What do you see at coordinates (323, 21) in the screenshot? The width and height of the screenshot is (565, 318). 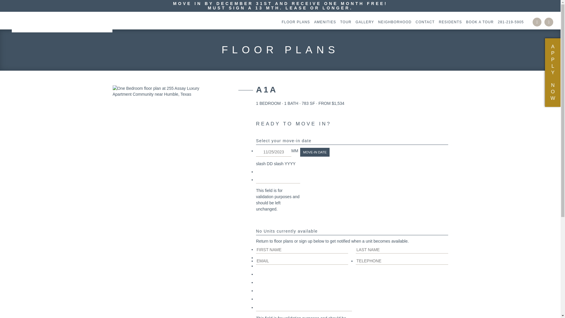 I see `'AMENITIES'` at bounding box center [323, 21].